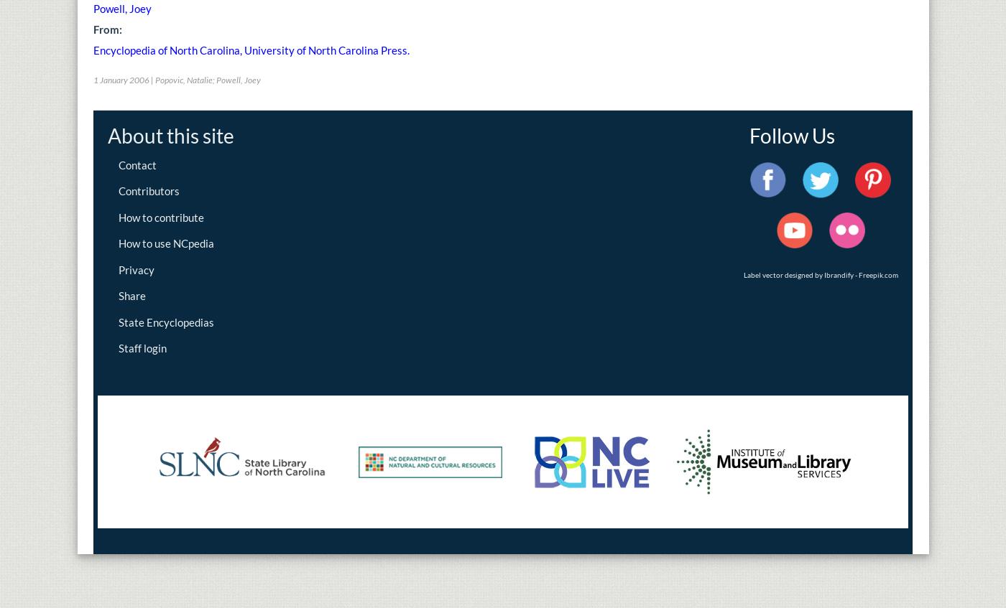  Describe the element at coordinates (136, 268) in the screenshot. I see `'Privacy'` at that location.